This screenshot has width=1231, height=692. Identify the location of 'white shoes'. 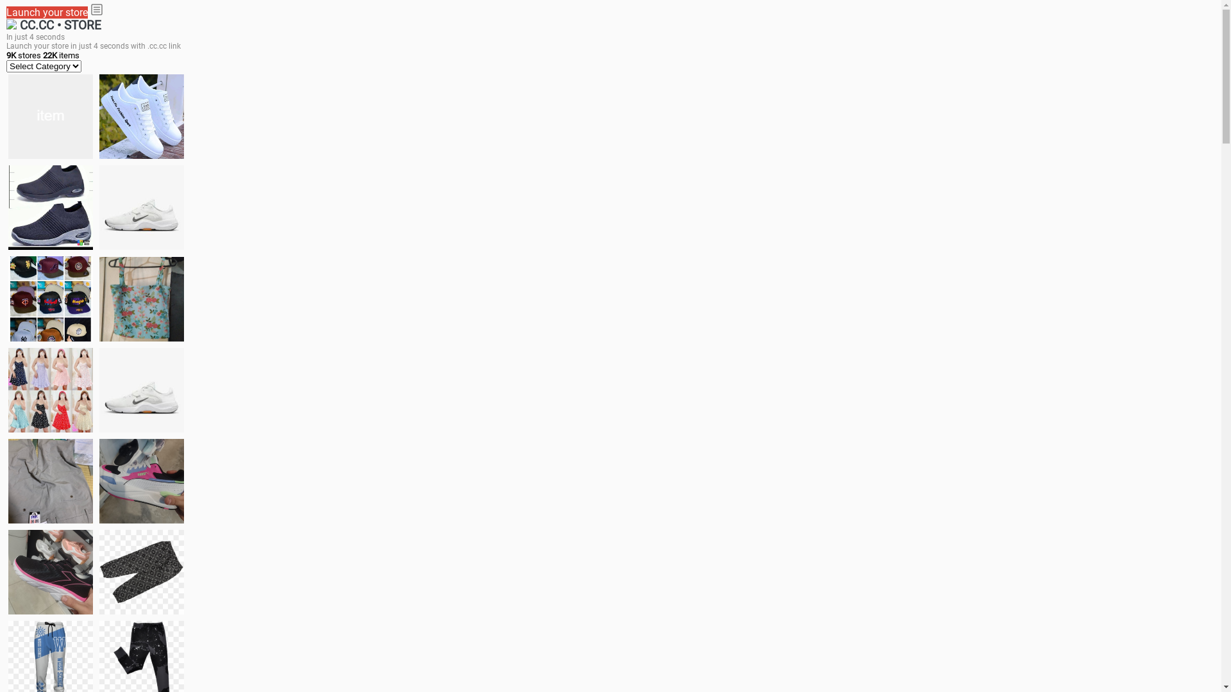
(141, 116).